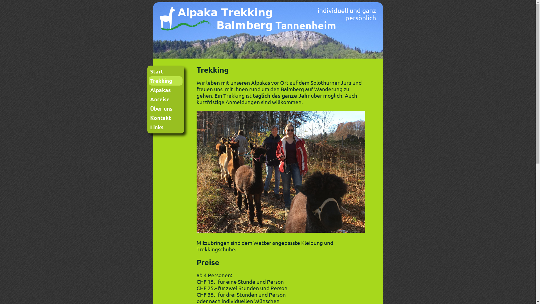 The image size is (540, 304). Describe the element at coordinates (165, 99) in the screenshot. I see `'Anreise'` at that location.